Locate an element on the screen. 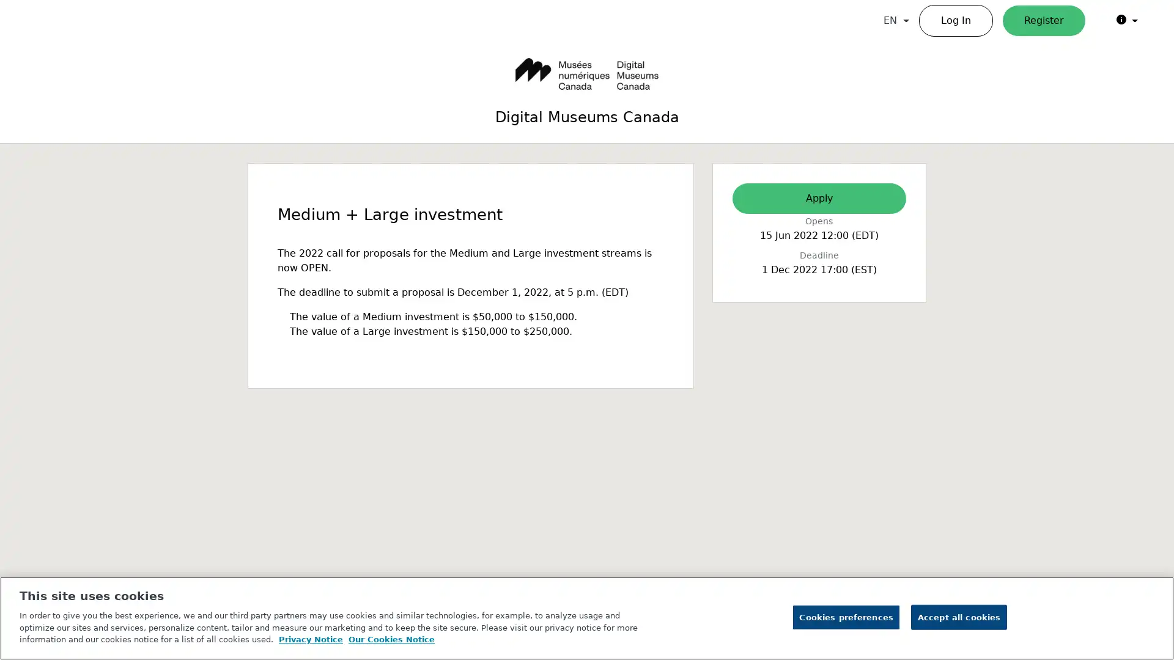 This screenshot has width=1174, height=660. Cookies preferences is located at coordinates (845, 617).